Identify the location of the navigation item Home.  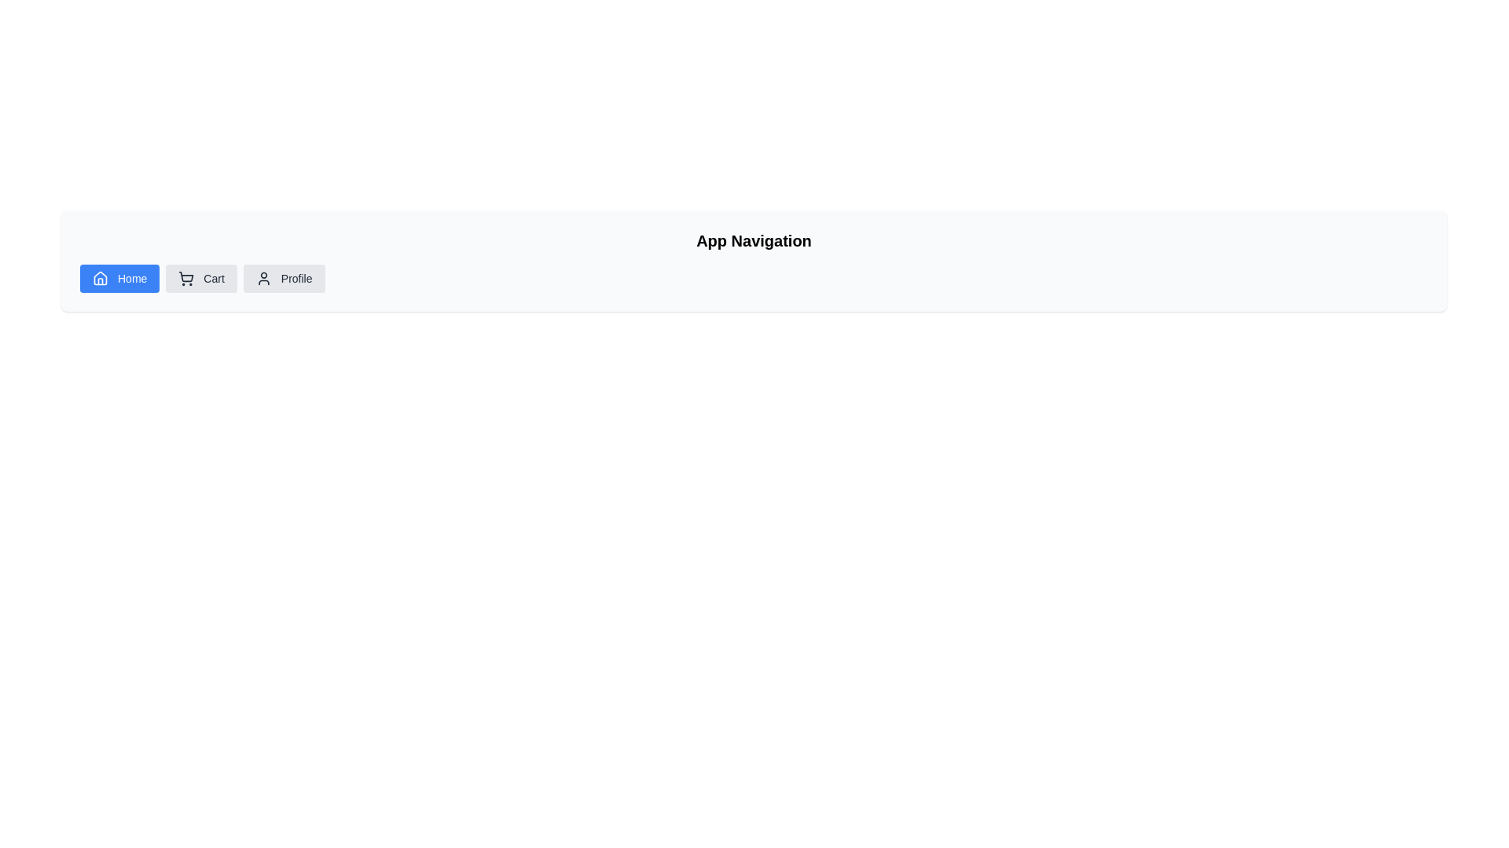
(119, 277).